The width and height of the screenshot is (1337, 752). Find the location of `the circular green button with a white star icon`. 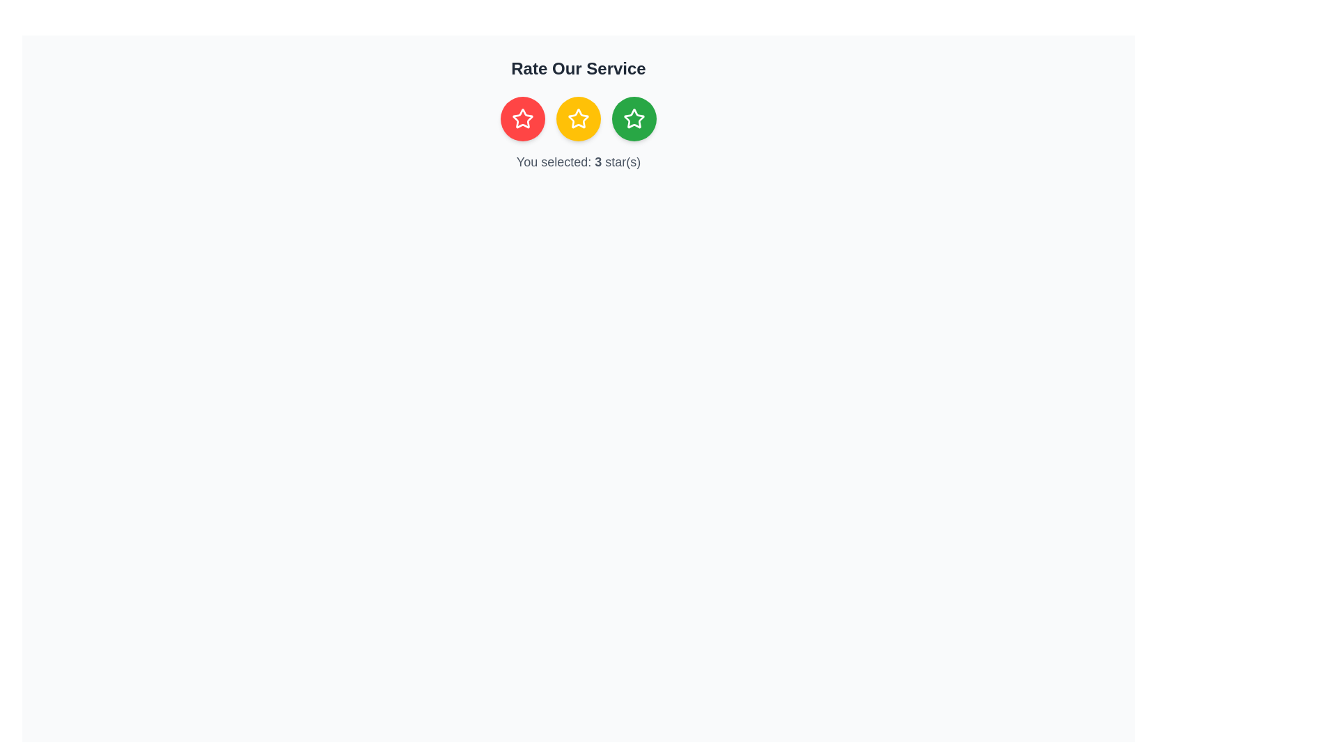

the circular green button with a white star icon is located at coordinates (634, 118).